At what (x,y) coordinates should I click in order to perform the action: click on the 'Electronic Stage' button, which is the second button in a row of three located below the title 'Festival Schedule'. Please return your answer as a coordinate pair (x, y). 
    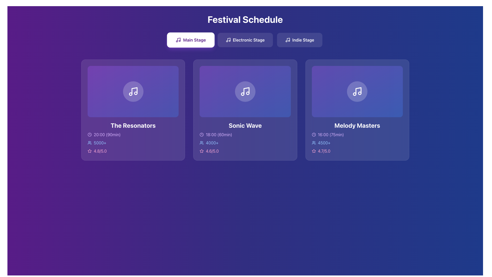
    Looking at the image, I should click on (228, 39).